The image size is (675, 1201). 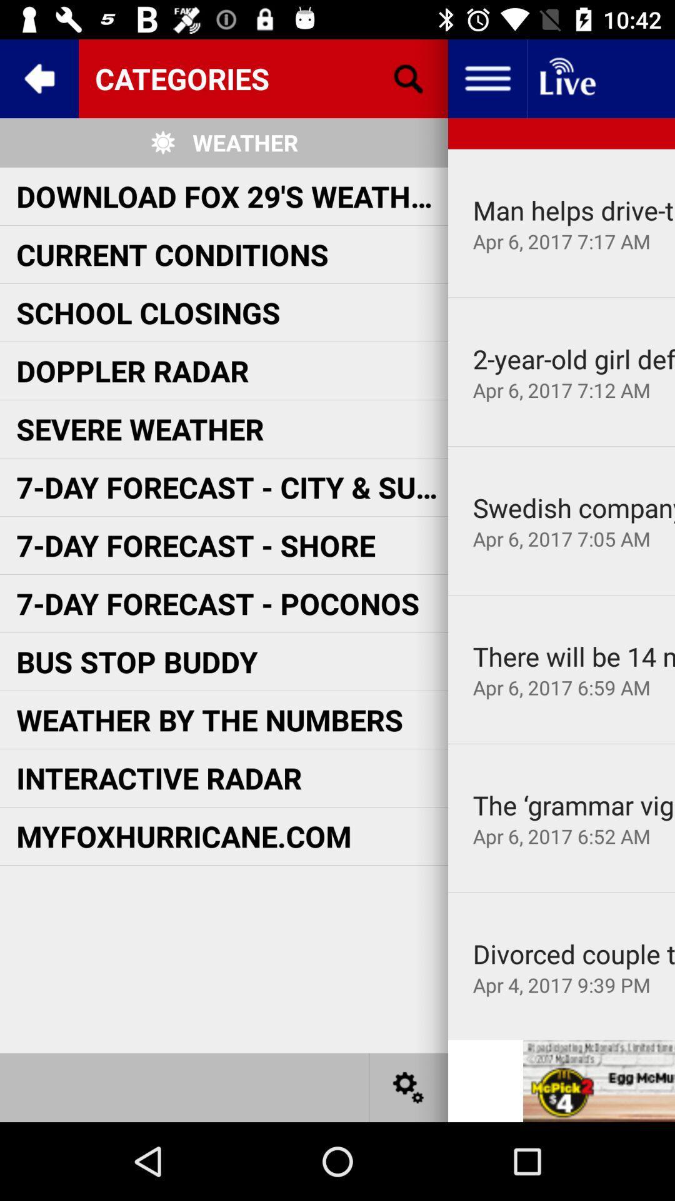 What do you see at coordinates (232, 195) in the screenshot?
I see `the item above current conditions` at bounding box center [232, 195].